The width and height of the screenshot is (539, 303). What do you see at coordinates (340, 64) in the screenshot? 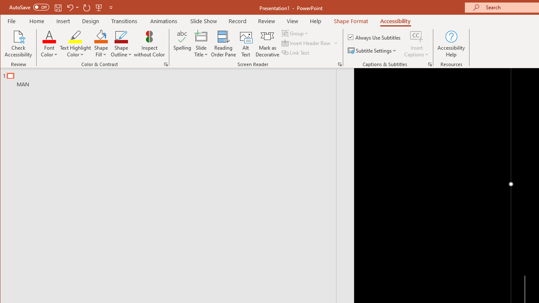
I see `'Screen Reader'` at bounding box center [340, 64].